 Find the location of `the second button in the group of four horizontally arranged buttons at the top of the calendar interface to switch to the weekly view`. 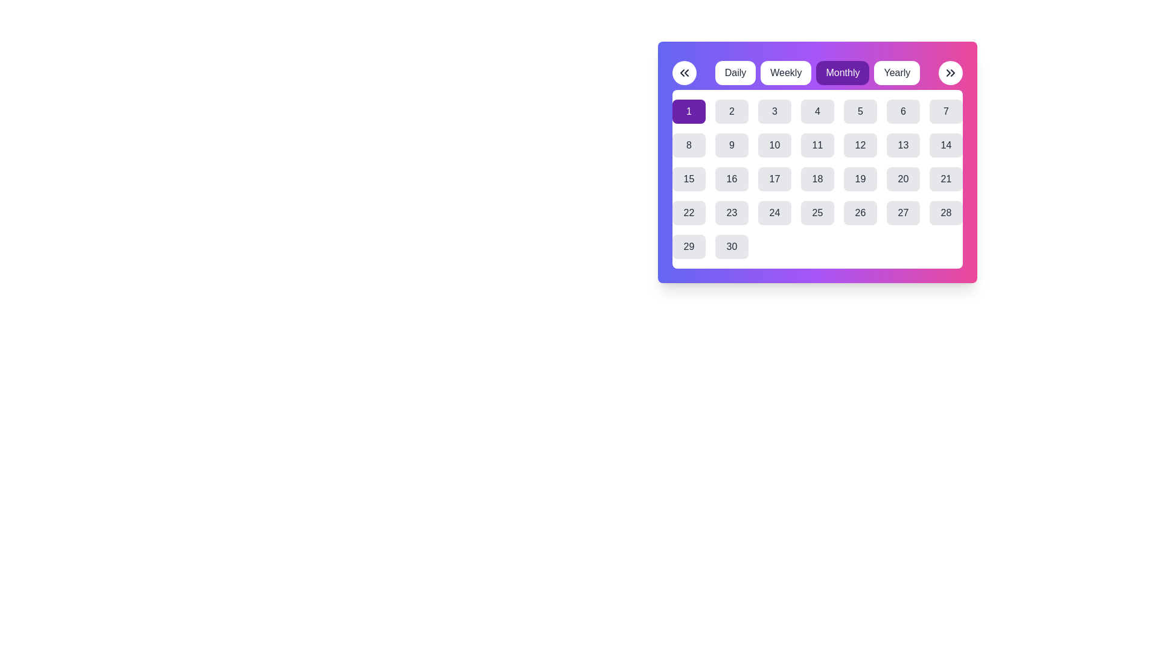

the second button in the group of four horizontally arranged buttons at the top of the calendar interface to switch to the weekly view is located at coordinates (786, 72).